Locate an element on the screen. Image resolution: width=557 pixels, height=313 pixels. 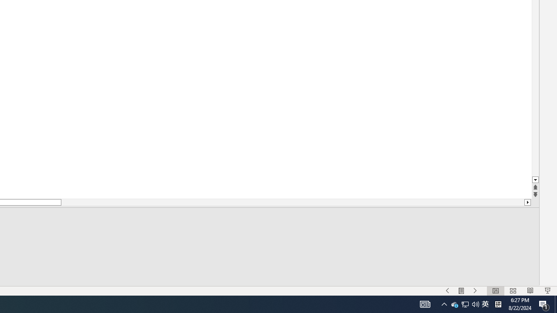
'Slide Show Next On' is located at coordinates (485, 303).